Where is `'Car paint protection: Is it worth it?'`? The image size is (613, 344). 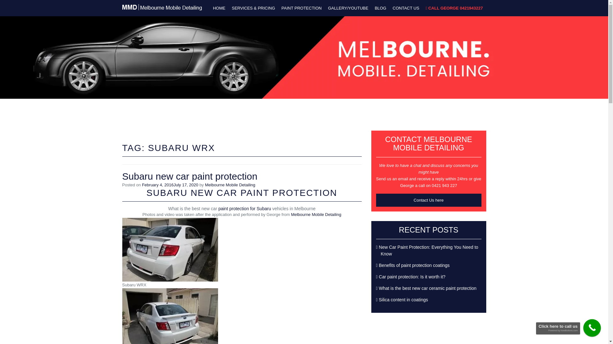 'Car paint protection: Is it worth it?' is located at coordinates (412, 276).